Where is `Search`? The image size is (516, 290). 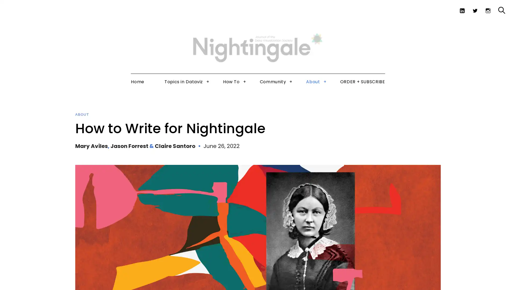
Search is located at coordinates (490, 24).